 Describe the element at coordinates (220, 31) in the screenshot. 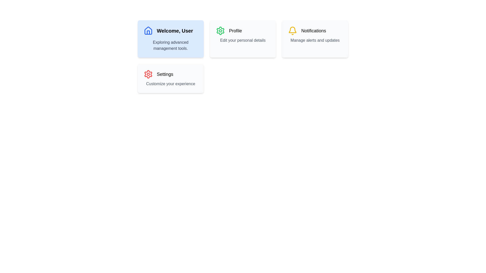

I see `the Profile card icon, which visually represents personal settings and is located at the top left corner of the card, adjacent to the text 'Profile'` at that location.